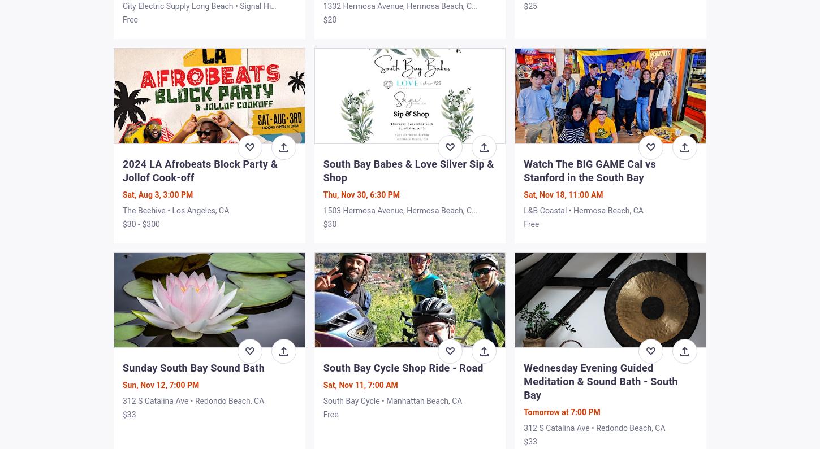 This screenshot has height=449, width=820. What do you see at coordinates (199, 11) in the screenshot?
I see `'City Electric Supply Long Beach • Signal Hill, CA'` at bounding box center [199, 11].